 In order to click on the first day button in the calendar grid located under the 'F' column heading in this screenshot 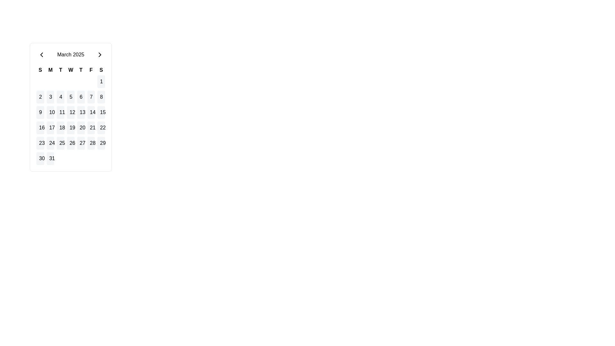, I will do `click(101, 81)`.